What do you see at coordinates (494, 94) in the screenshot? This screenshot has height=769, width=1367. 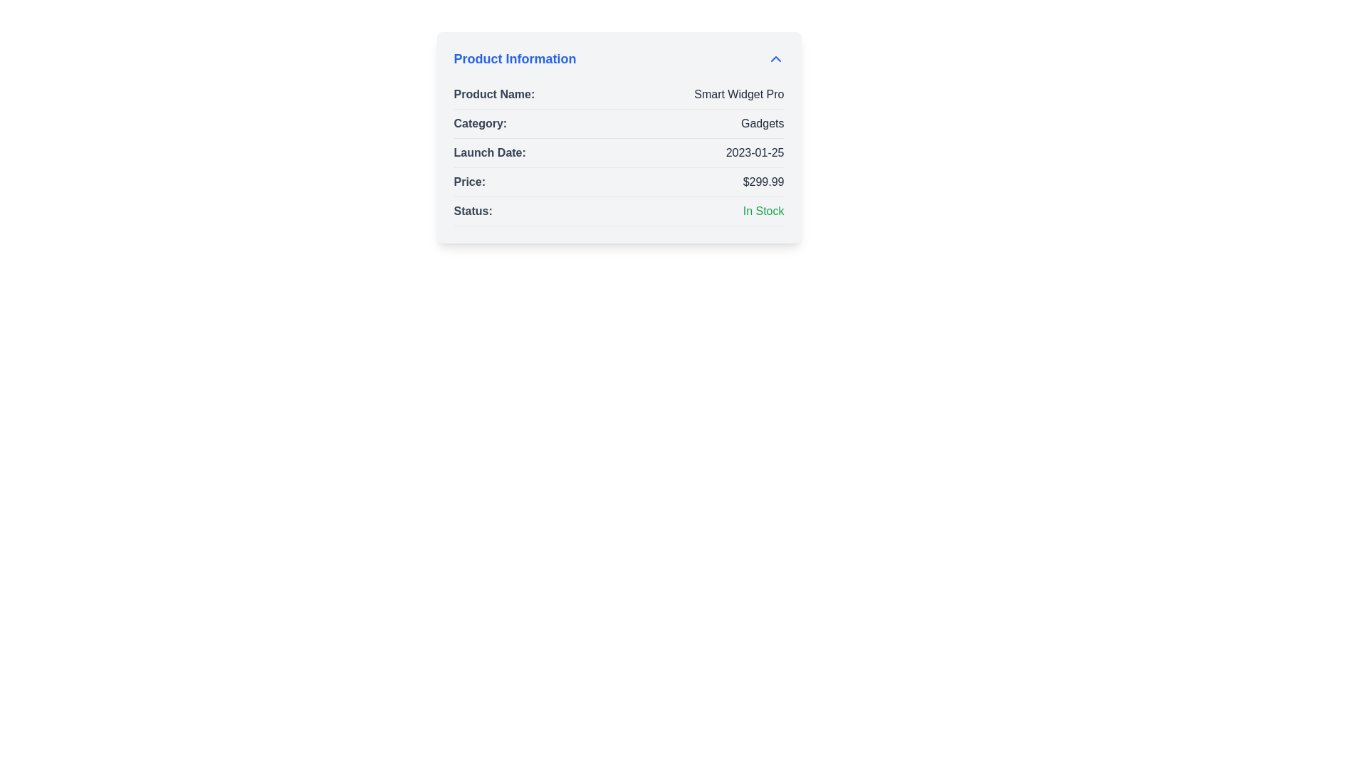 I see `label that describes the product's name located at the top of the details panel labeled 'Product Information'` at bounding box center [494, 94].